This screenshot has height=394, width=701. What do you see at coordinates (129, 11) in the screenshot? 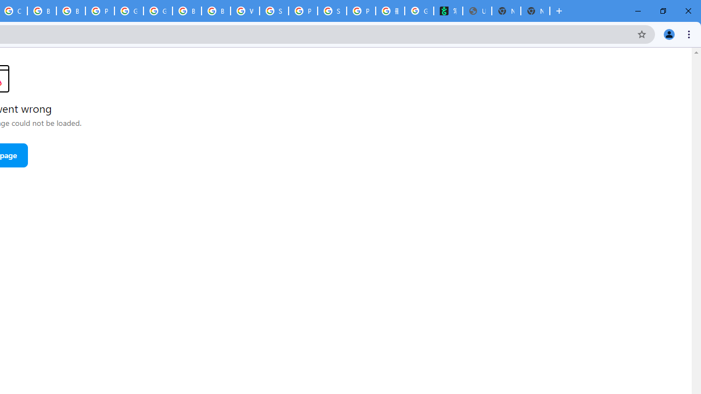
I see `'Google Cloud Platform'` at bounding box center [129, 11].